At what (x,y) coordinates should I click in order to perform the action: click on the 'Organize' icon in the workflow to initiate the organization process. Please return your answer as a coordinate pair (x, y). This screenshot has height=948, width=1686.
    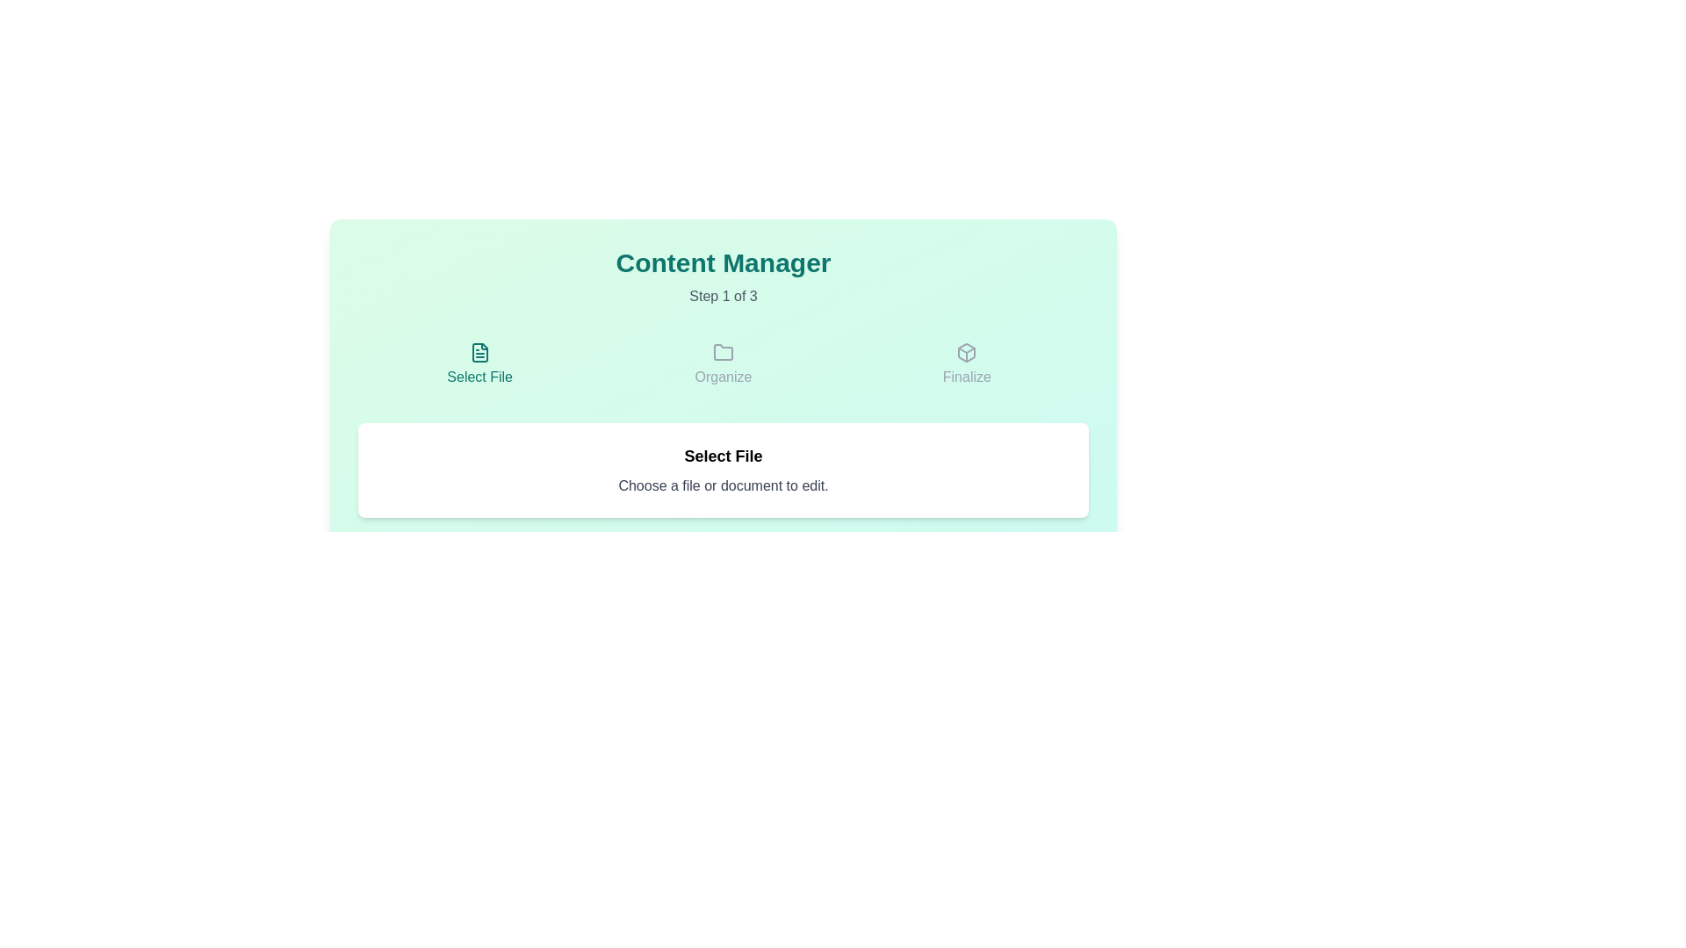
    Looking at the image, I should click on (724, 364).